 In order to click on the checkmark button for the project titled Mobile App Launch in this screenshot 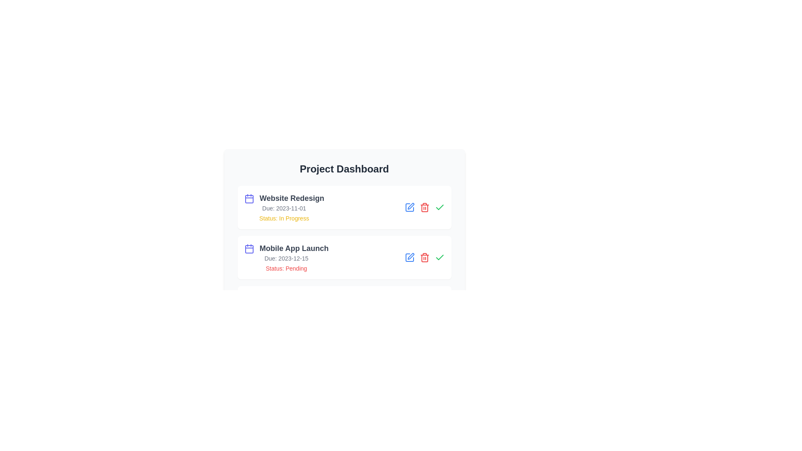, I will do `click(439, 257)`.